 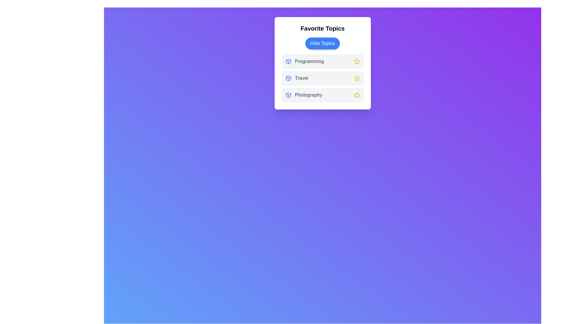 I want to click on the yellow star icon at the end of the 'Travel' section, so click(x=357, y=78).